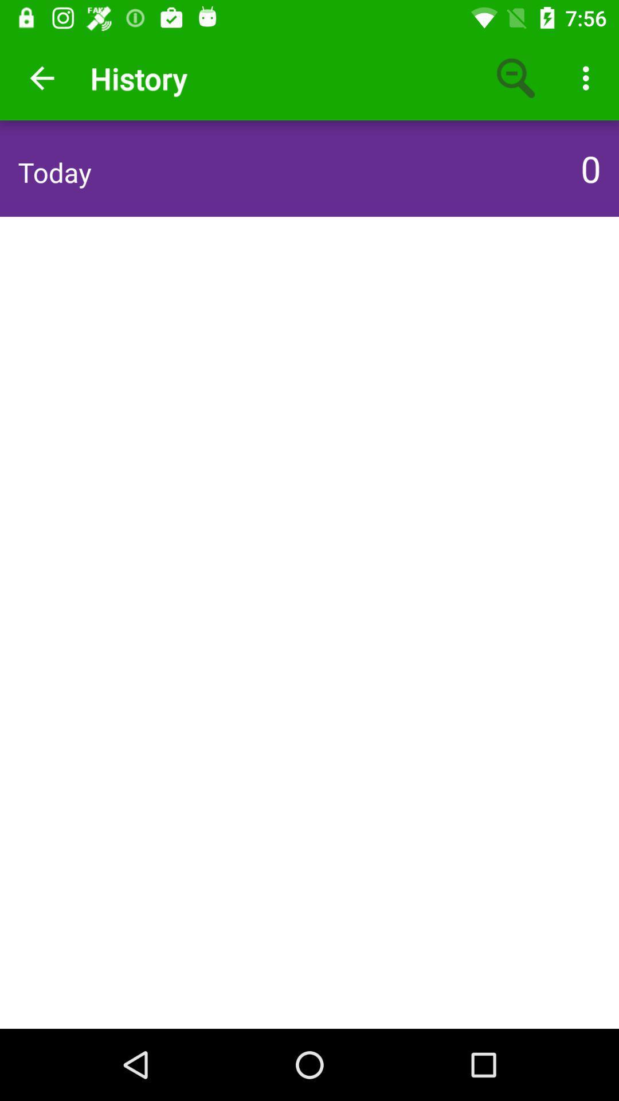  Describe the element at coordinates (54, 171) in the screenshot. I see `icon next to 0` at that location.